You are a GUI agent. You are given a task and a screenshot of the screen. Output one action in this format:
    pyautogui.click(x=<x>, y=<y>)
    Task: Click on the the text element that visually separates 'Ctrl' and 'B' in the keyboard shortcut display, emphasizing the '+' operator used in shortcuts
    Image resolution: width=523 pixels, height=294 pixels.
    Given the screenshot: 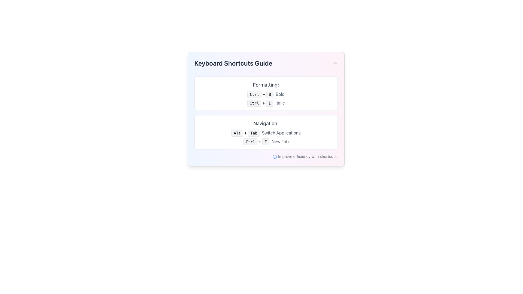 What is the action you would take?
    pyautogui.click(x=264, y=94)
    